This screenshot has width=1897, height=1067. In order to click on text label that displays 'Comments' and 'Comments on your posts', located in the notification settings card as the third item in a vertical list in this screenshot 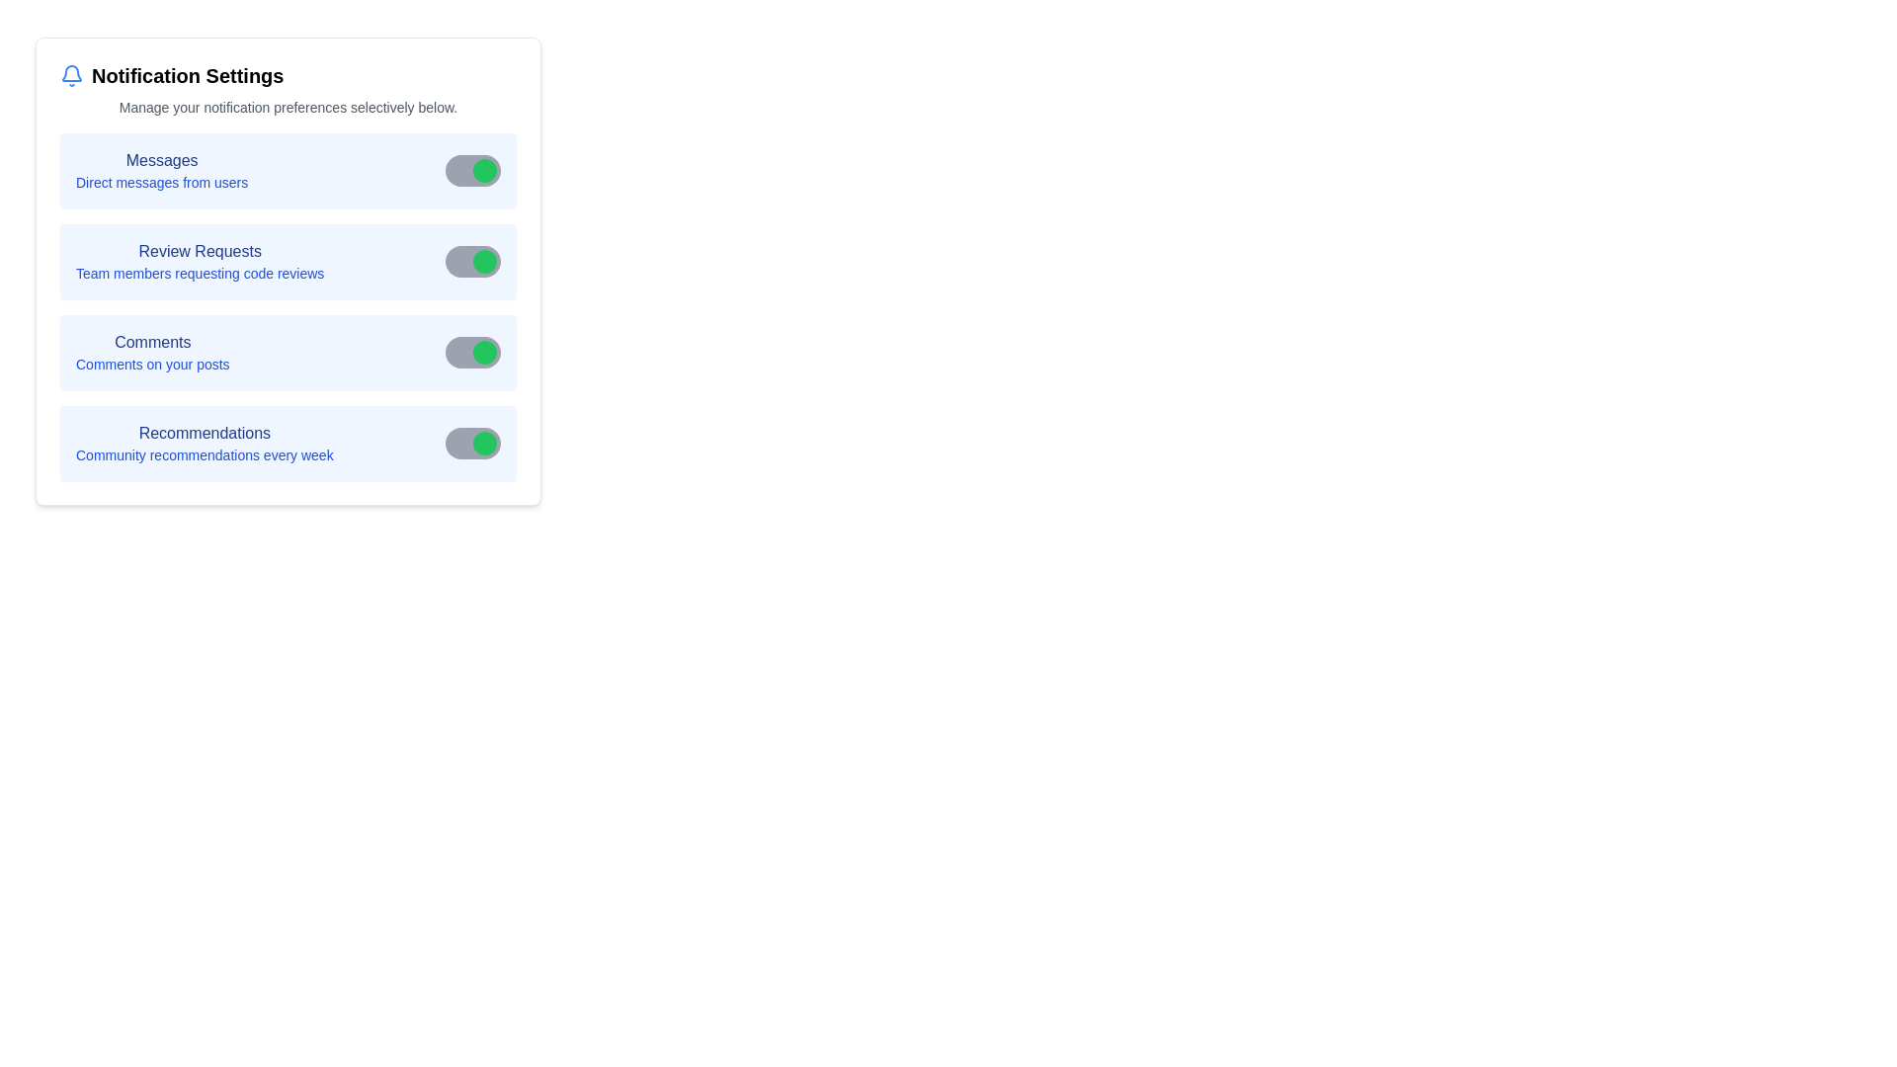, I will do `click(151, 352)`.